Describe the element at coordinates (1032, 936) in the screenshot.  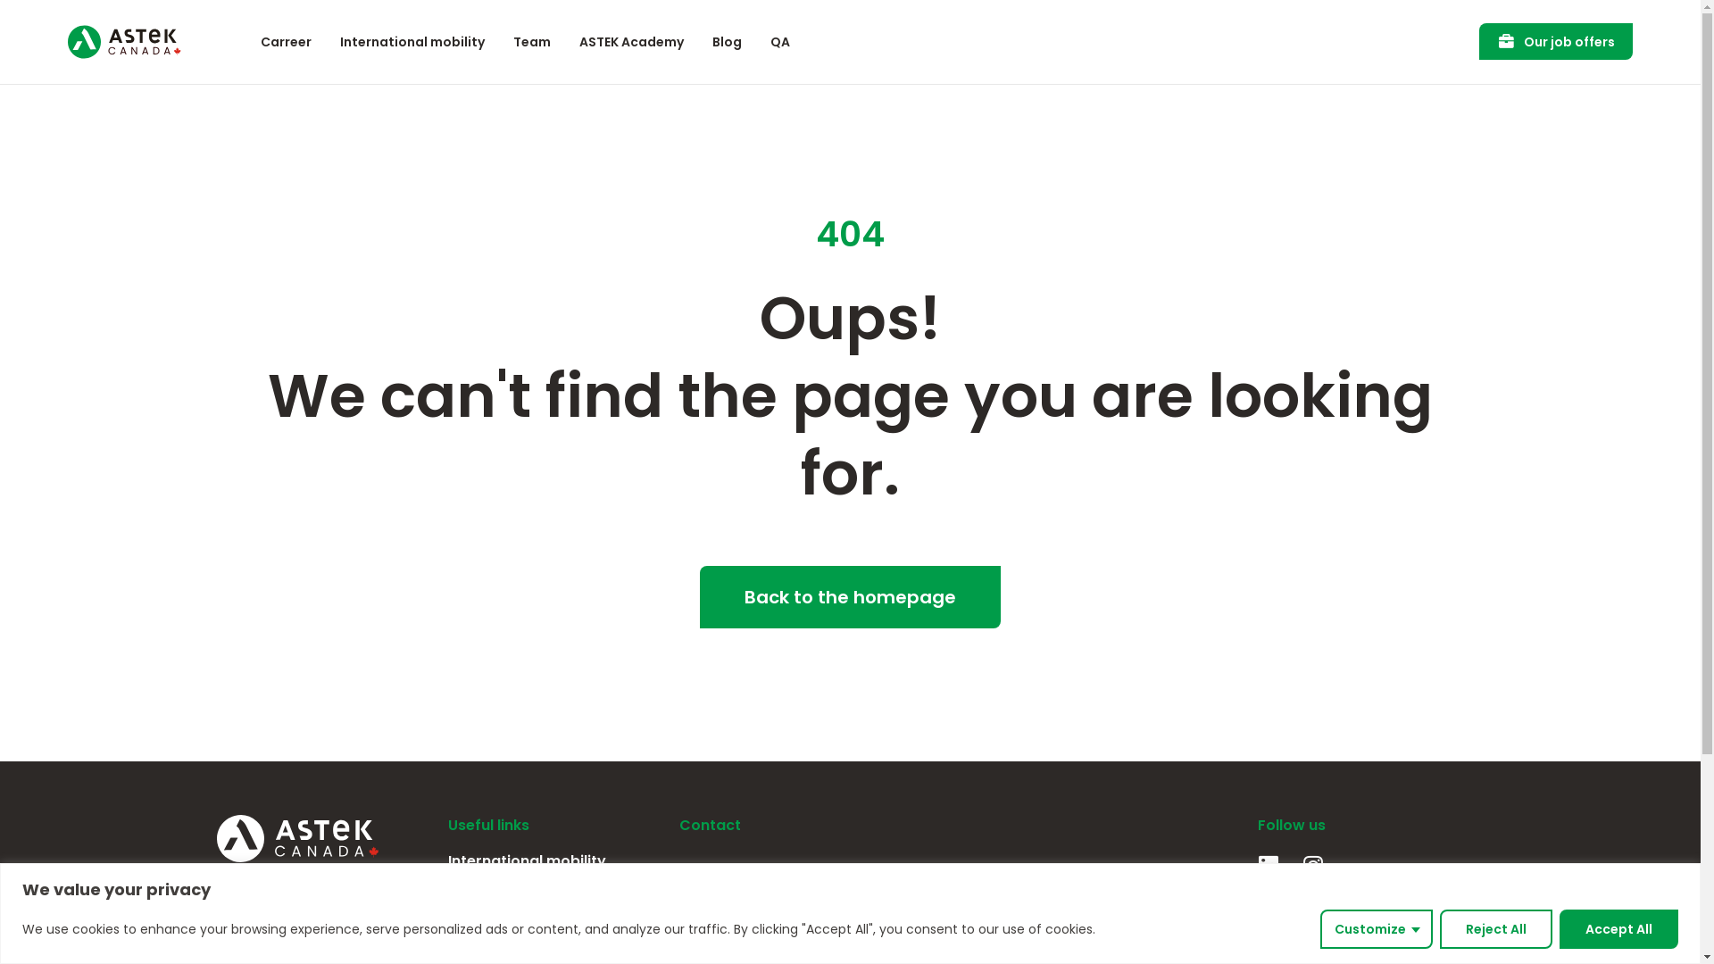
I see `'+1 (416) 540-9553'` at that location.